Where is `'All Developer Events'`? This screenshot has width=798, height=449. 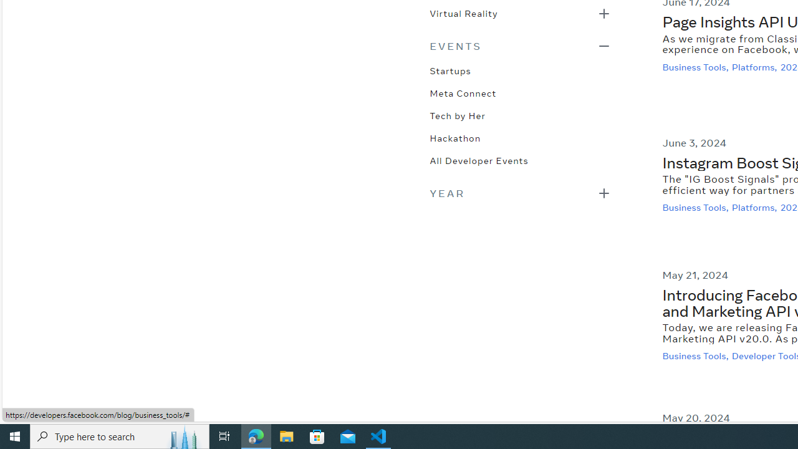
'All Developer Events' is located at coordinates (478, 158).